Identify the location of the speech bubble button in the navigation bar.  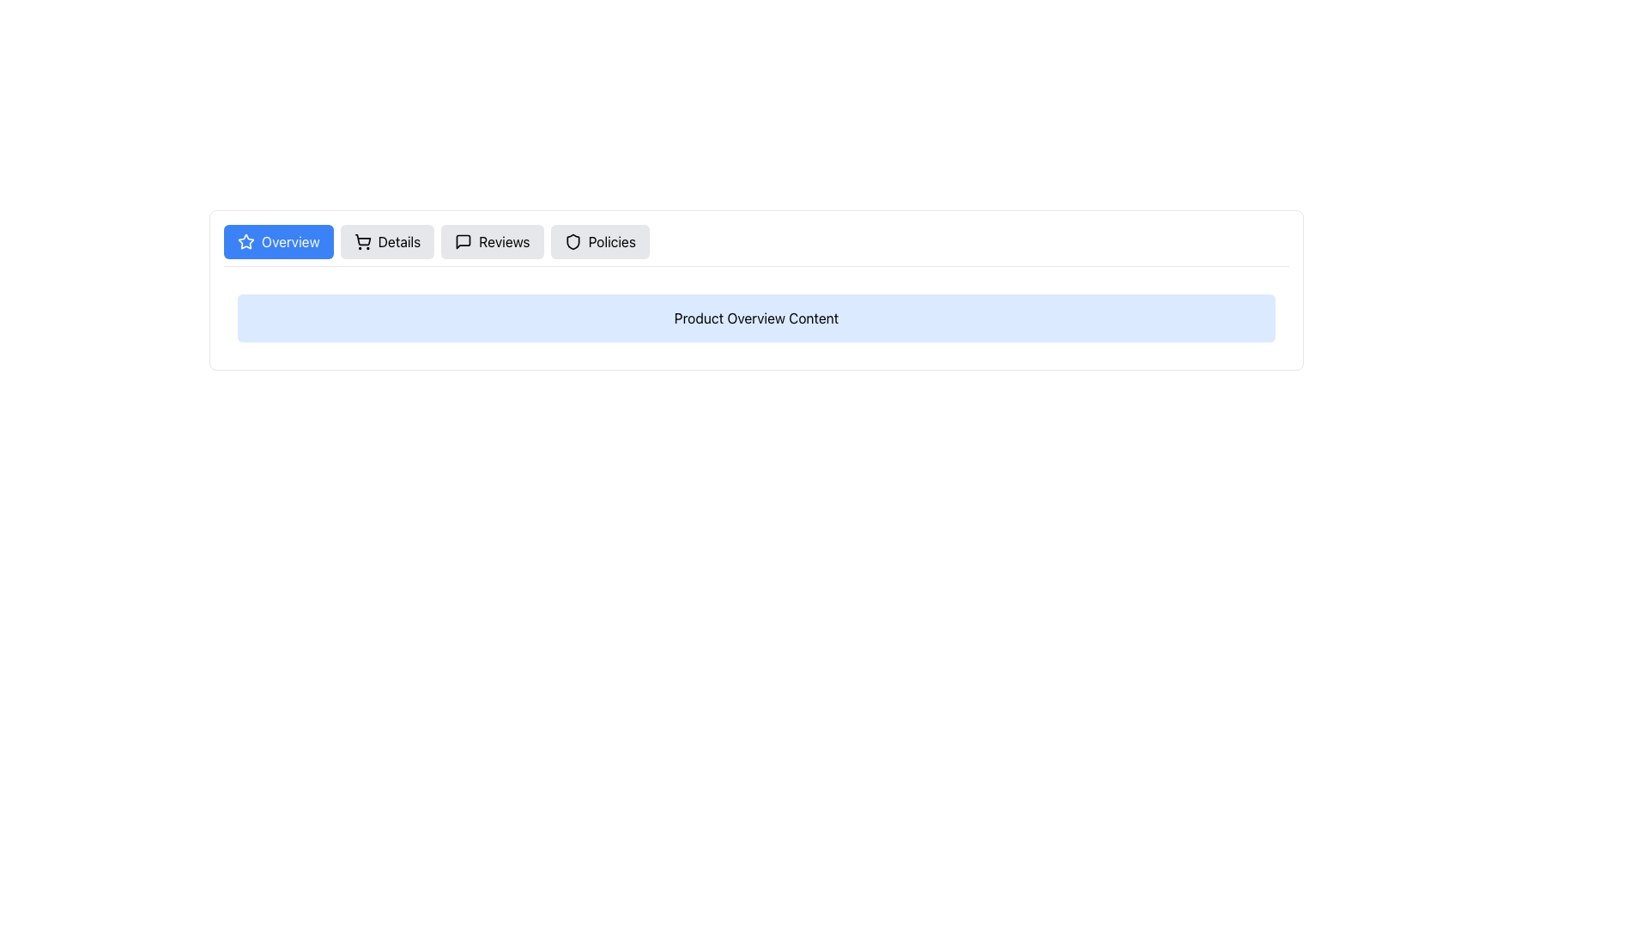
(463, 241).